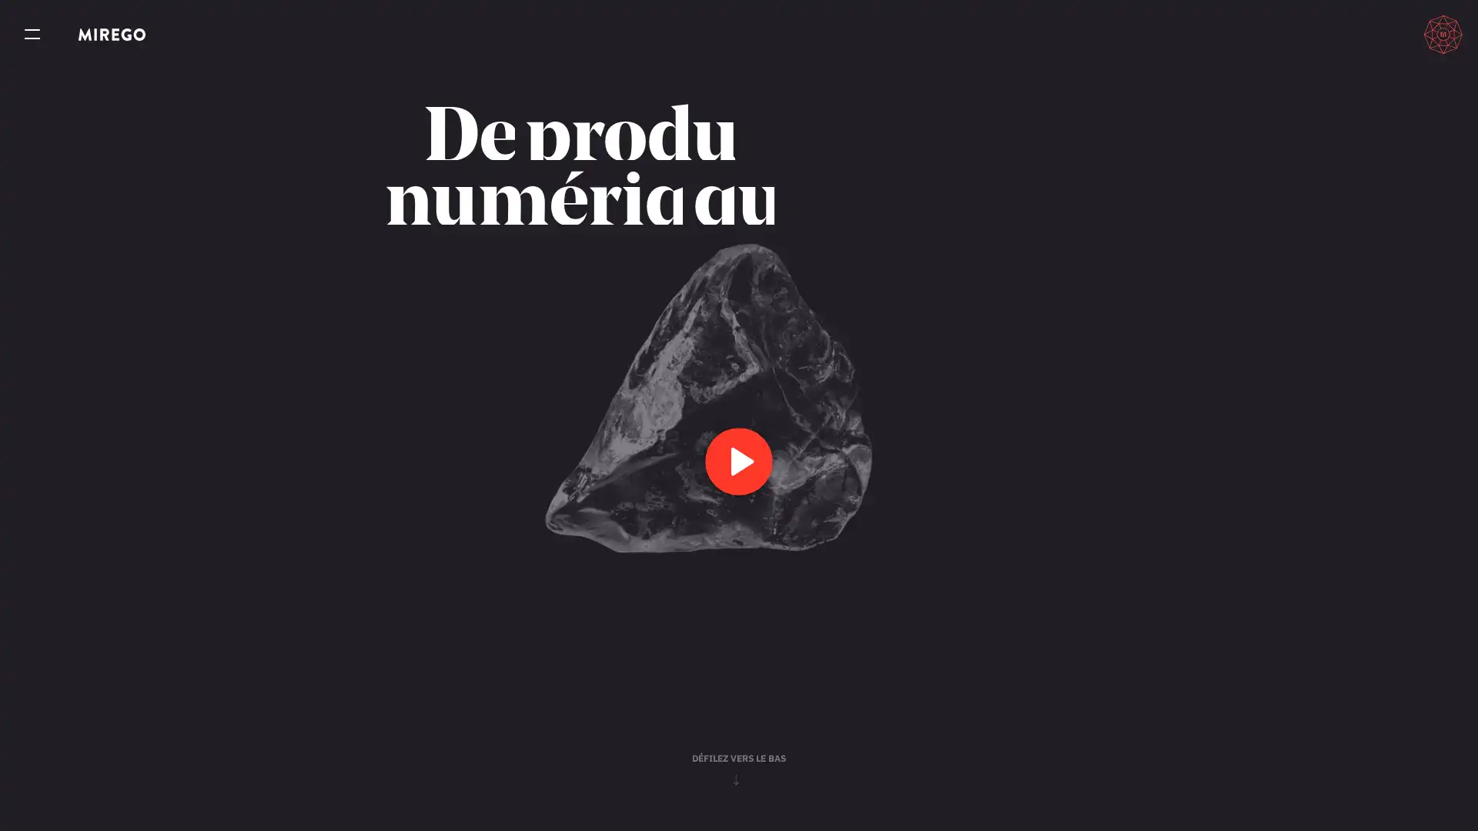 This screenshot has width=1478, height=831. Describe the element at coordinates (1374, 34) in the screenshot. I see `Switch to English version` at that location.